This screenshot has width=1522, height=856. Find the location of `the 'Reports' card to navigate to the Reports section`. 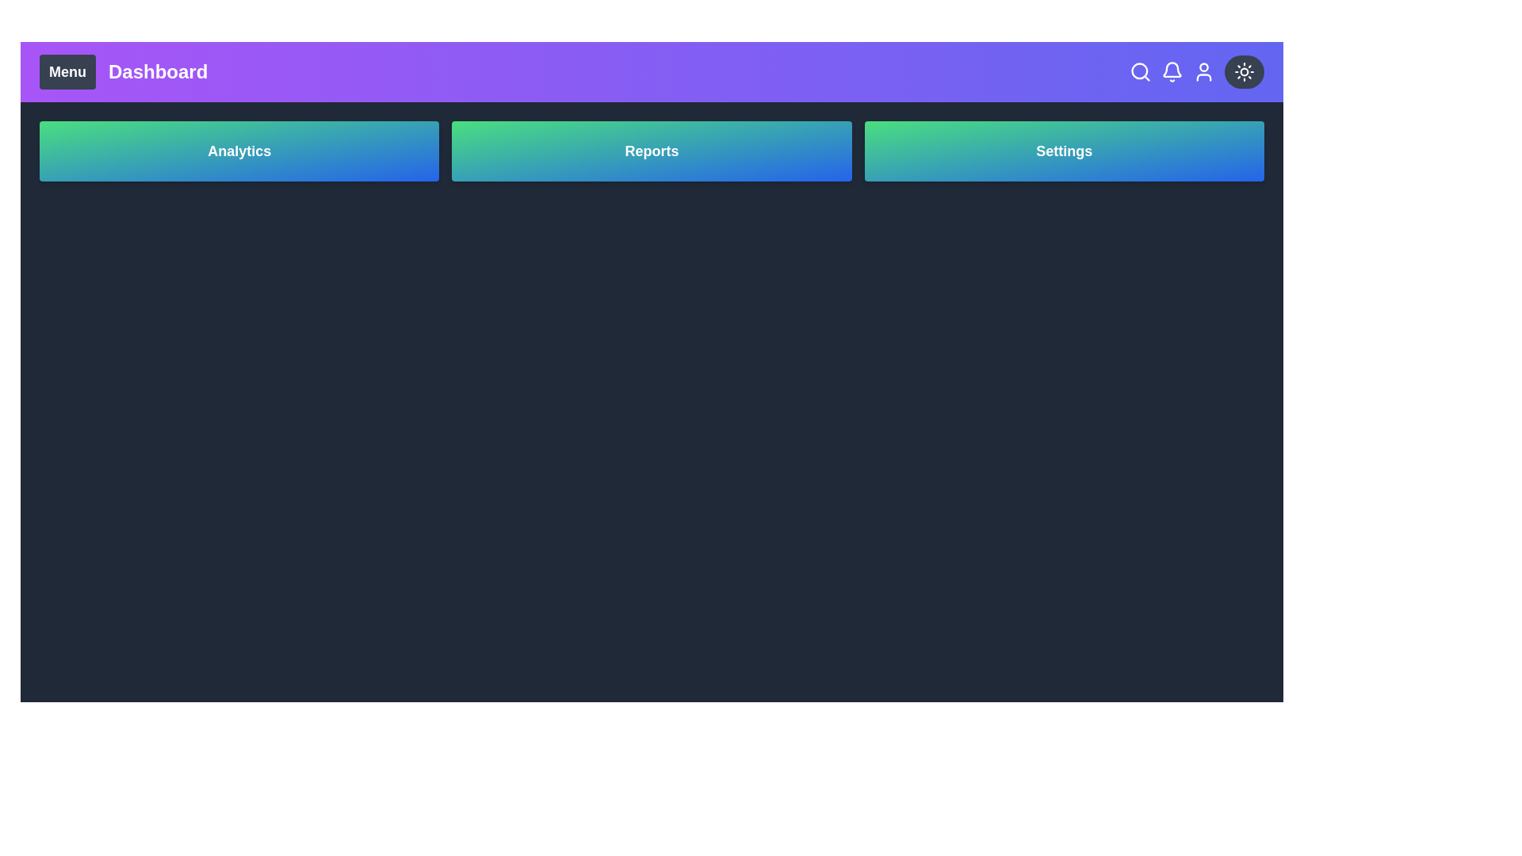

the 'Reports' card to navigate to the Reports section is located at coordinates (651, 151).